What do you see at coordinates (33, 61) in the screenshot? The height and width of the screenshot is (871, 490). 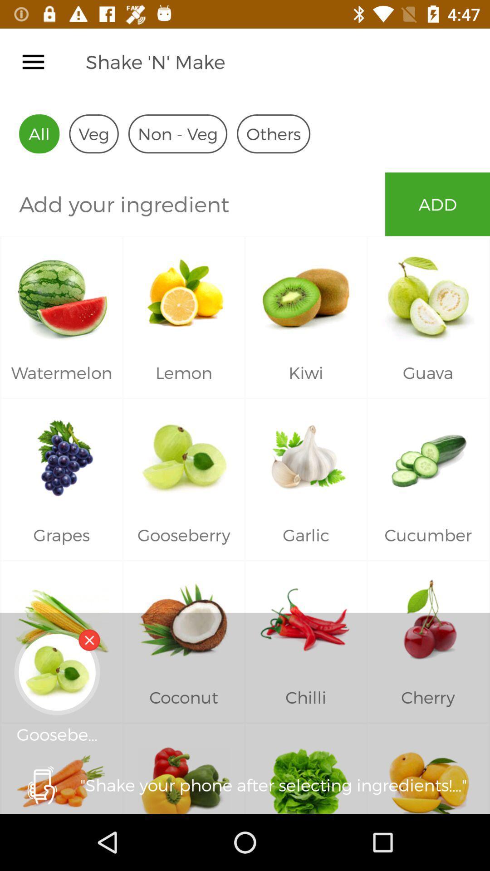 I see `the menu icon` at bounding box center [33, 61].